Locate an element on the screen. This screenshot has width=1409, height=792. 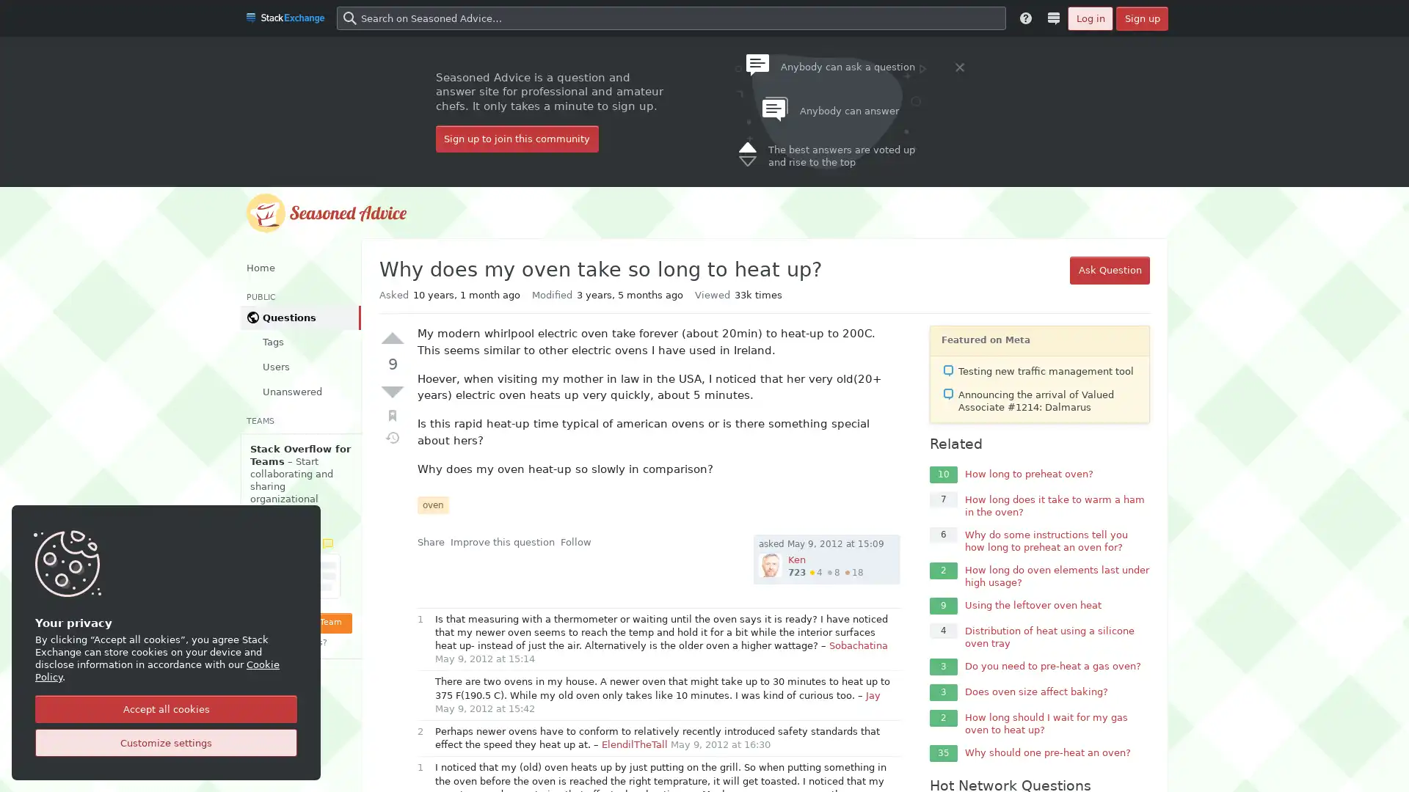
Down vote is located at coordinates (392, 389).